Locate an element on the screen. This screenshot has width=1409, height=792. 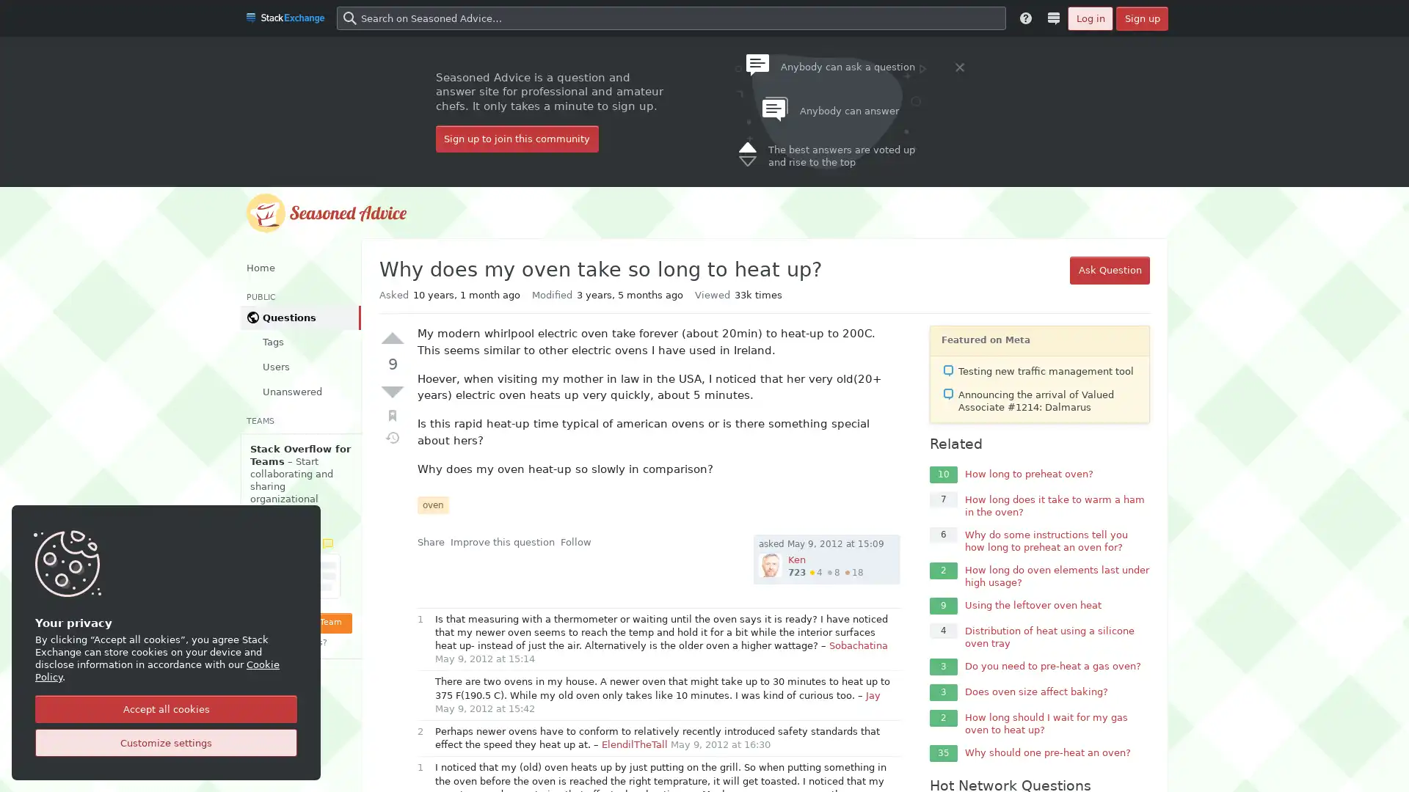
Down vote is located at coordinates (392, 389).